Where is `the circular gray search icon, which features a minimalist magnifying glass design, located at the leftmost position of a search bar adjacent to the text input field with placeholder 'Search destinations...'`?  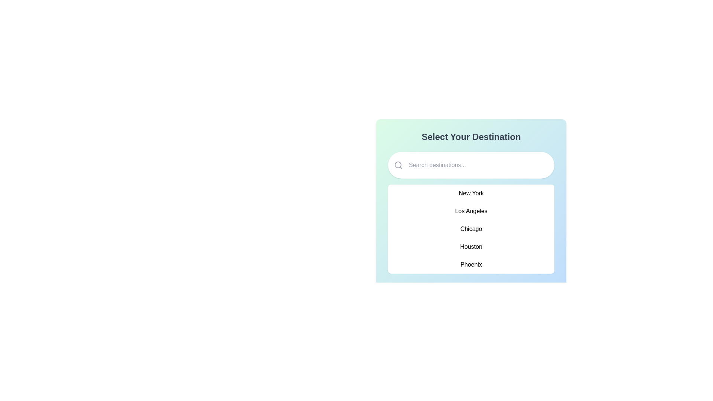
the circular gray search icon, which features a minimalist magnifying glass design, located at the leftmost position of a search bar adjacent to the text input field with placeholder 'Search destinations...' is located at coordinates (398, 164).